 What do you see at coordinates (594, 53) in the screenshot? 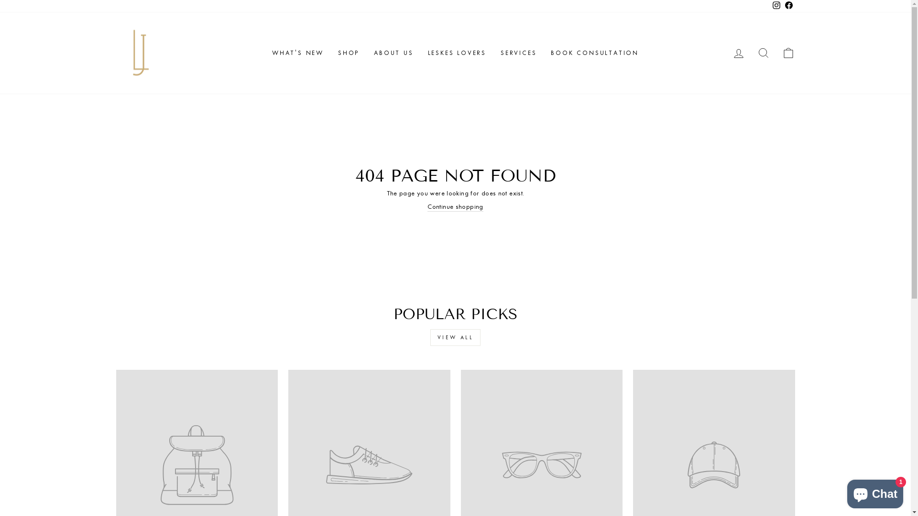
I see `'BOOK CONSULTATION'` at bounding box center [594, 53].